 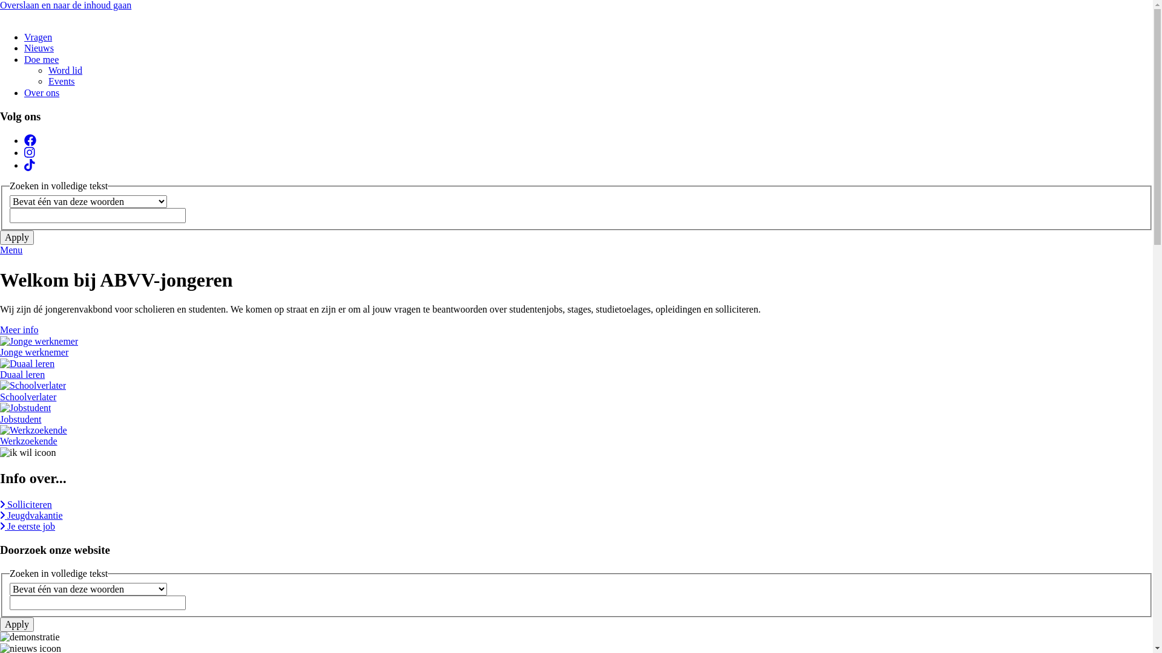 What do you see at coordinates (24, 47) in the screenshot?
I see `'Nieuws'` at bounding box center [24, 47].